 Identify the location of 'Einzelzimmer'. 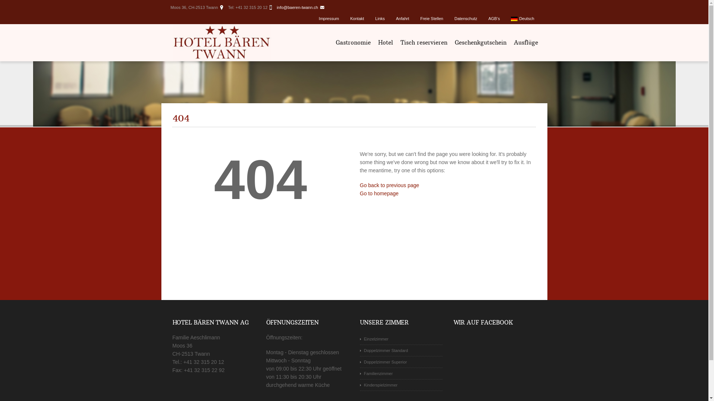
(401, 339).